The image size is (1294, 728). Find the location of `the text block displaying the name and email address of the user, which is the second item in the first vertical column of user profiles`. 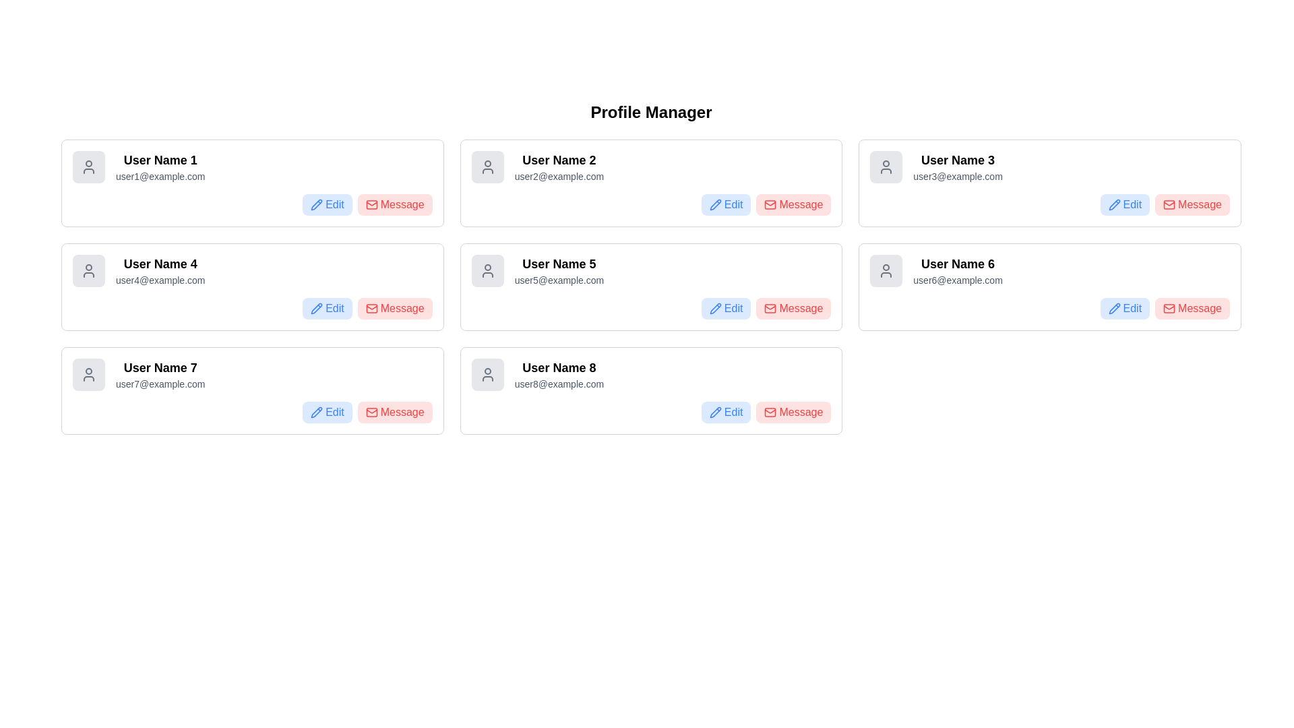

the text block displaying the name and email address of the user, which is the second item in the first vertical column of user profiles is located at coordinates (160, 270).